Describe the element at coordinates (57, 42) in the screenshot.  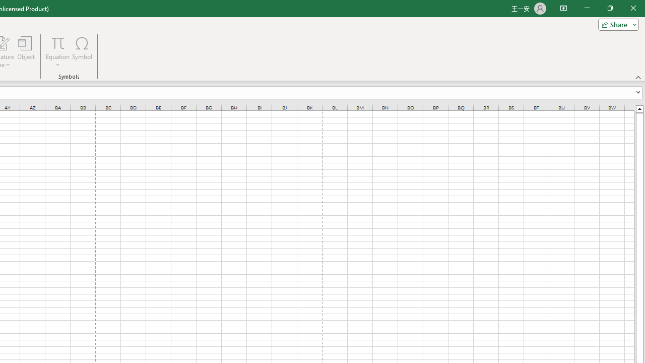
I see `'Equation'` at that location.